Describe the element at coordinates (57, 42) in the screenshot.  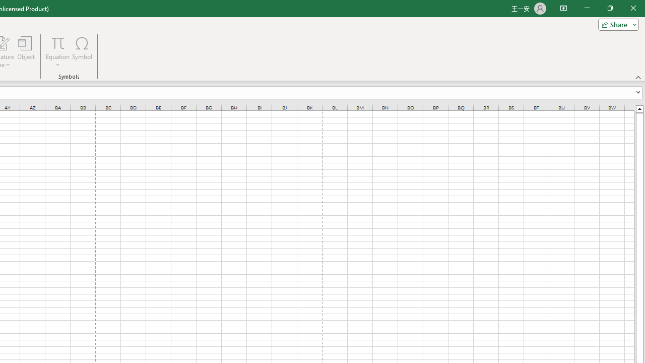
I see `'Equation'` at that location.